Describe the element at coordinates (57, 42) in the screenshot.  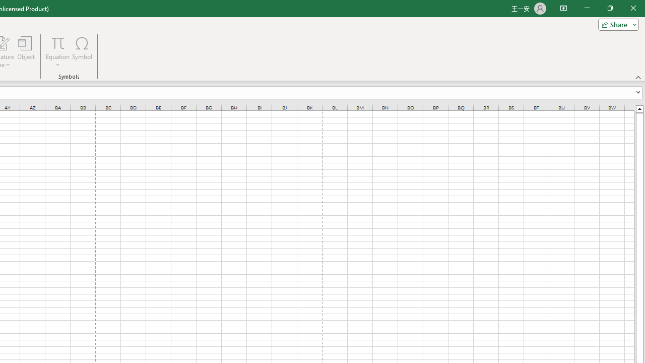
I see `'Equation'` at that location.